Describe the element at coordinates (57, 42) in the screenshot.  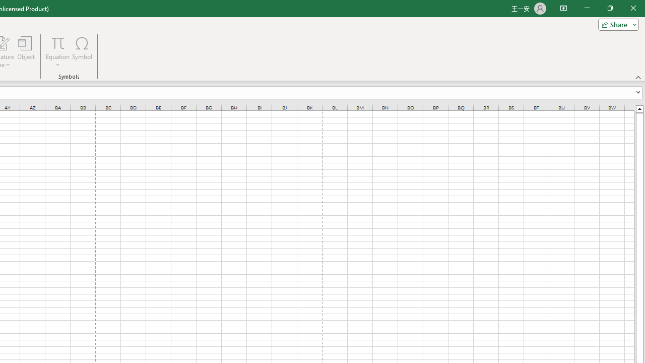
I see `'Equation'` at that location.